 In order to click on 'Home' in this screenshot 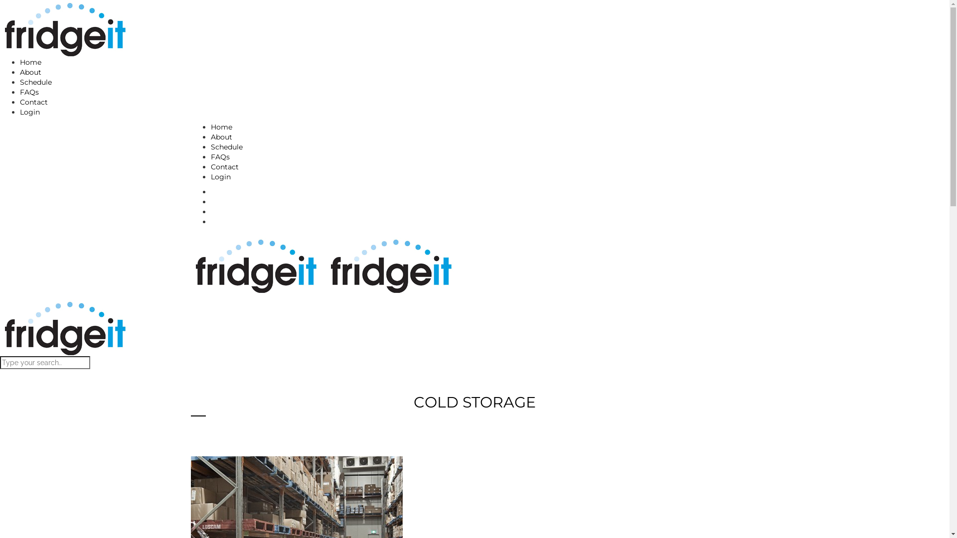, I will do `click(210, 126)`.